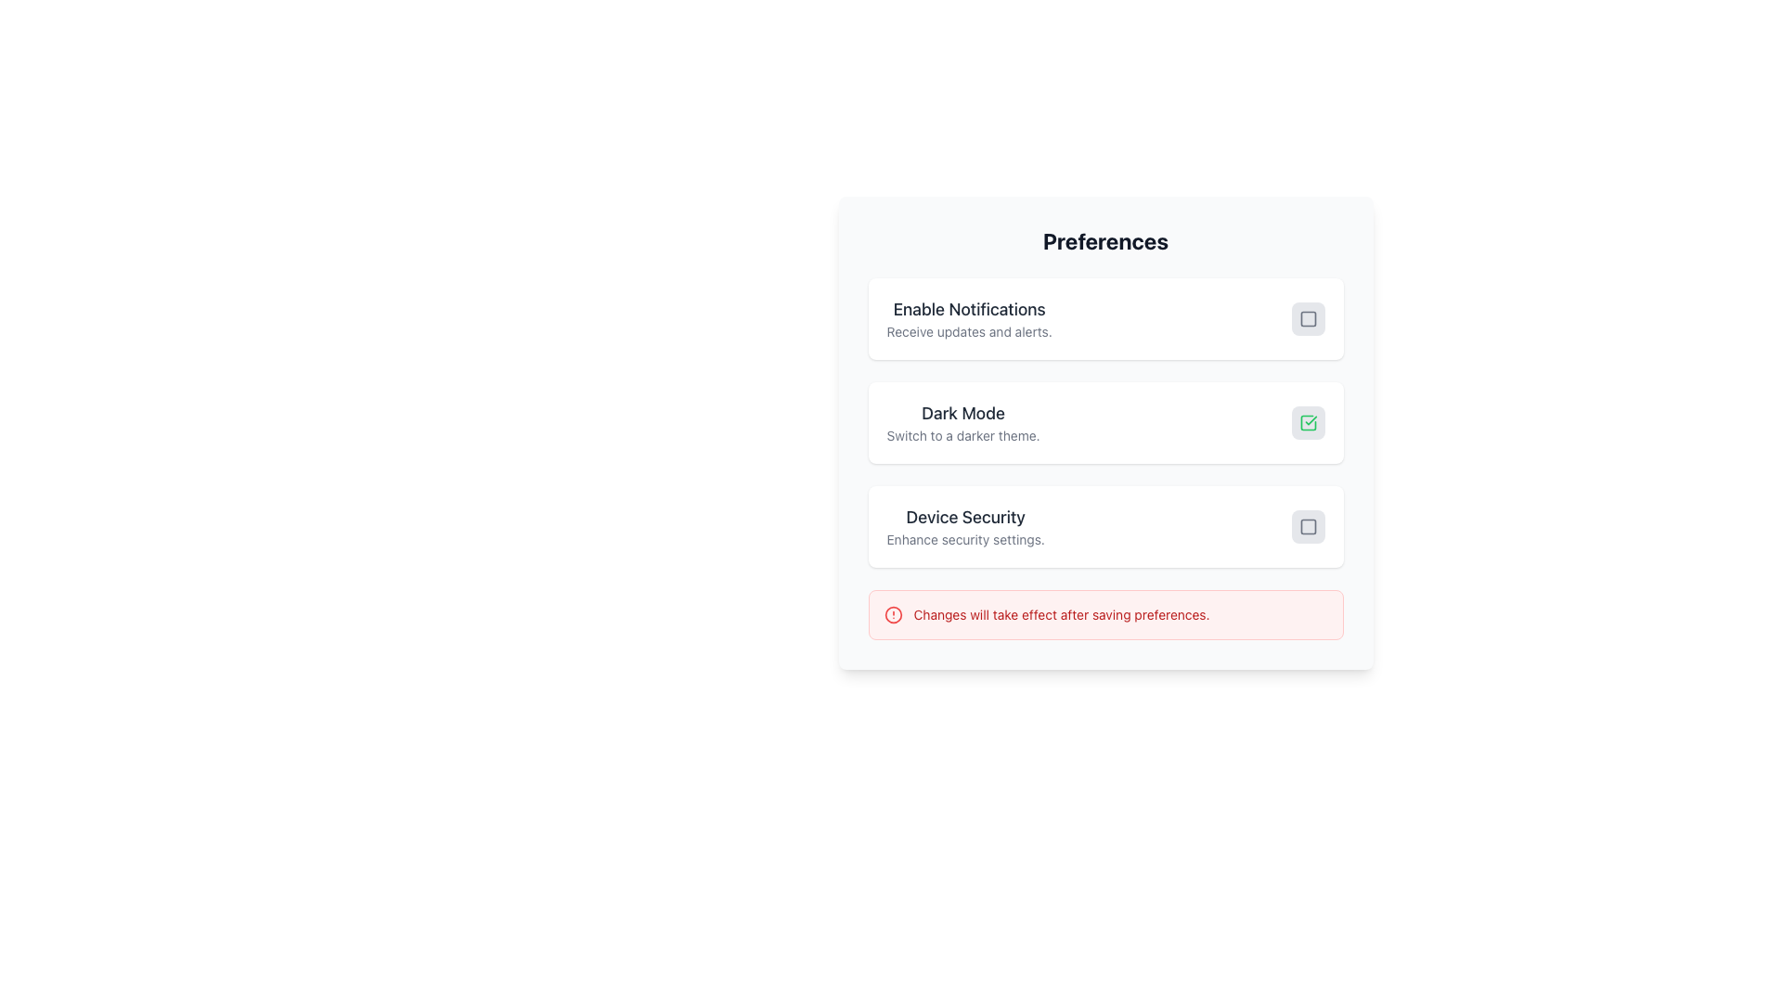 Image resolution: width=1782 pixels, height=1002 pixels. What do you see at coordinates (1307, 526) in the screenshot?
I see `the 'Device Security' icon` at bounding box center [1307, 526].